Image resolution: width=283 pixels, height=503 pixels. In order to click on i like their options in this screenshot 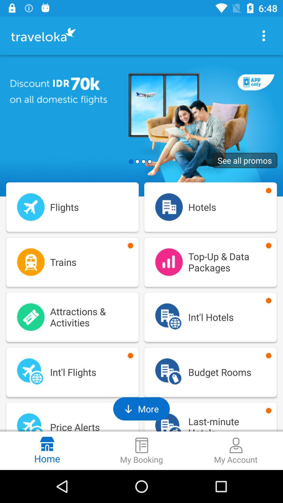, I will do `click(264, 35)`.